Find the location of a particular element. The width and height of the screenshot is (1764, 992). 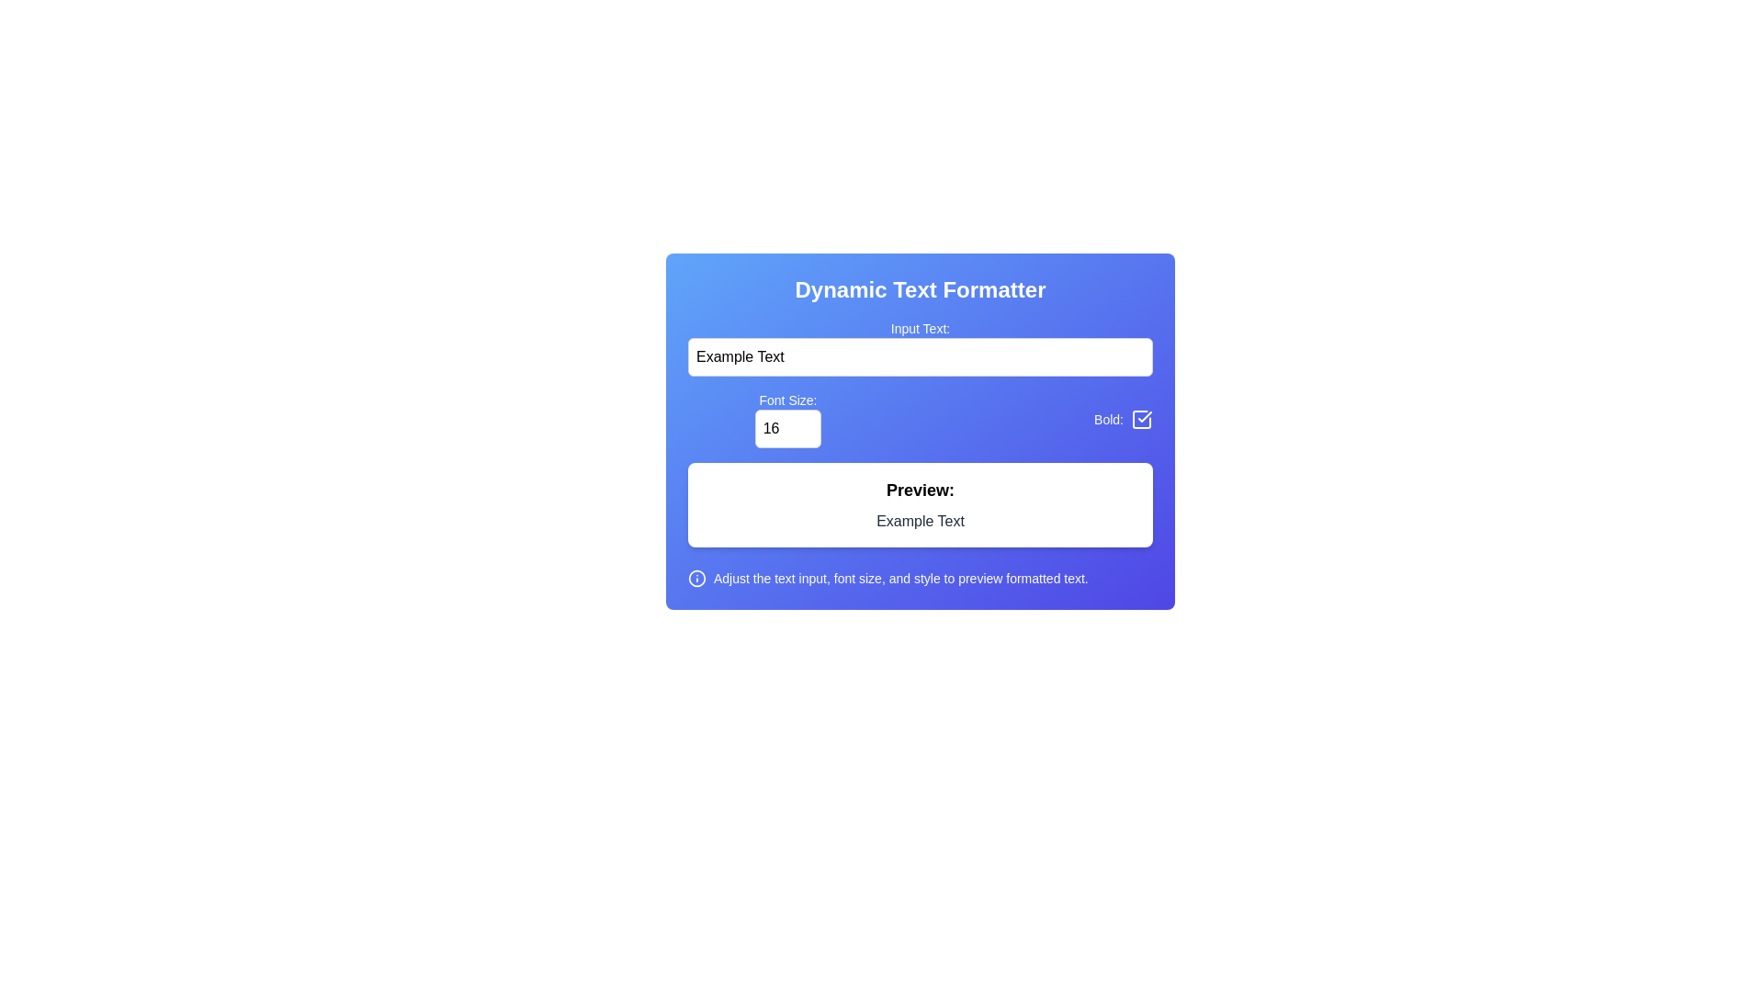

the checkmark symbol within the square-shaped icon in the SVG control interface, adjacent to the 'Bold:' label is located at coordinates (1144, 417).